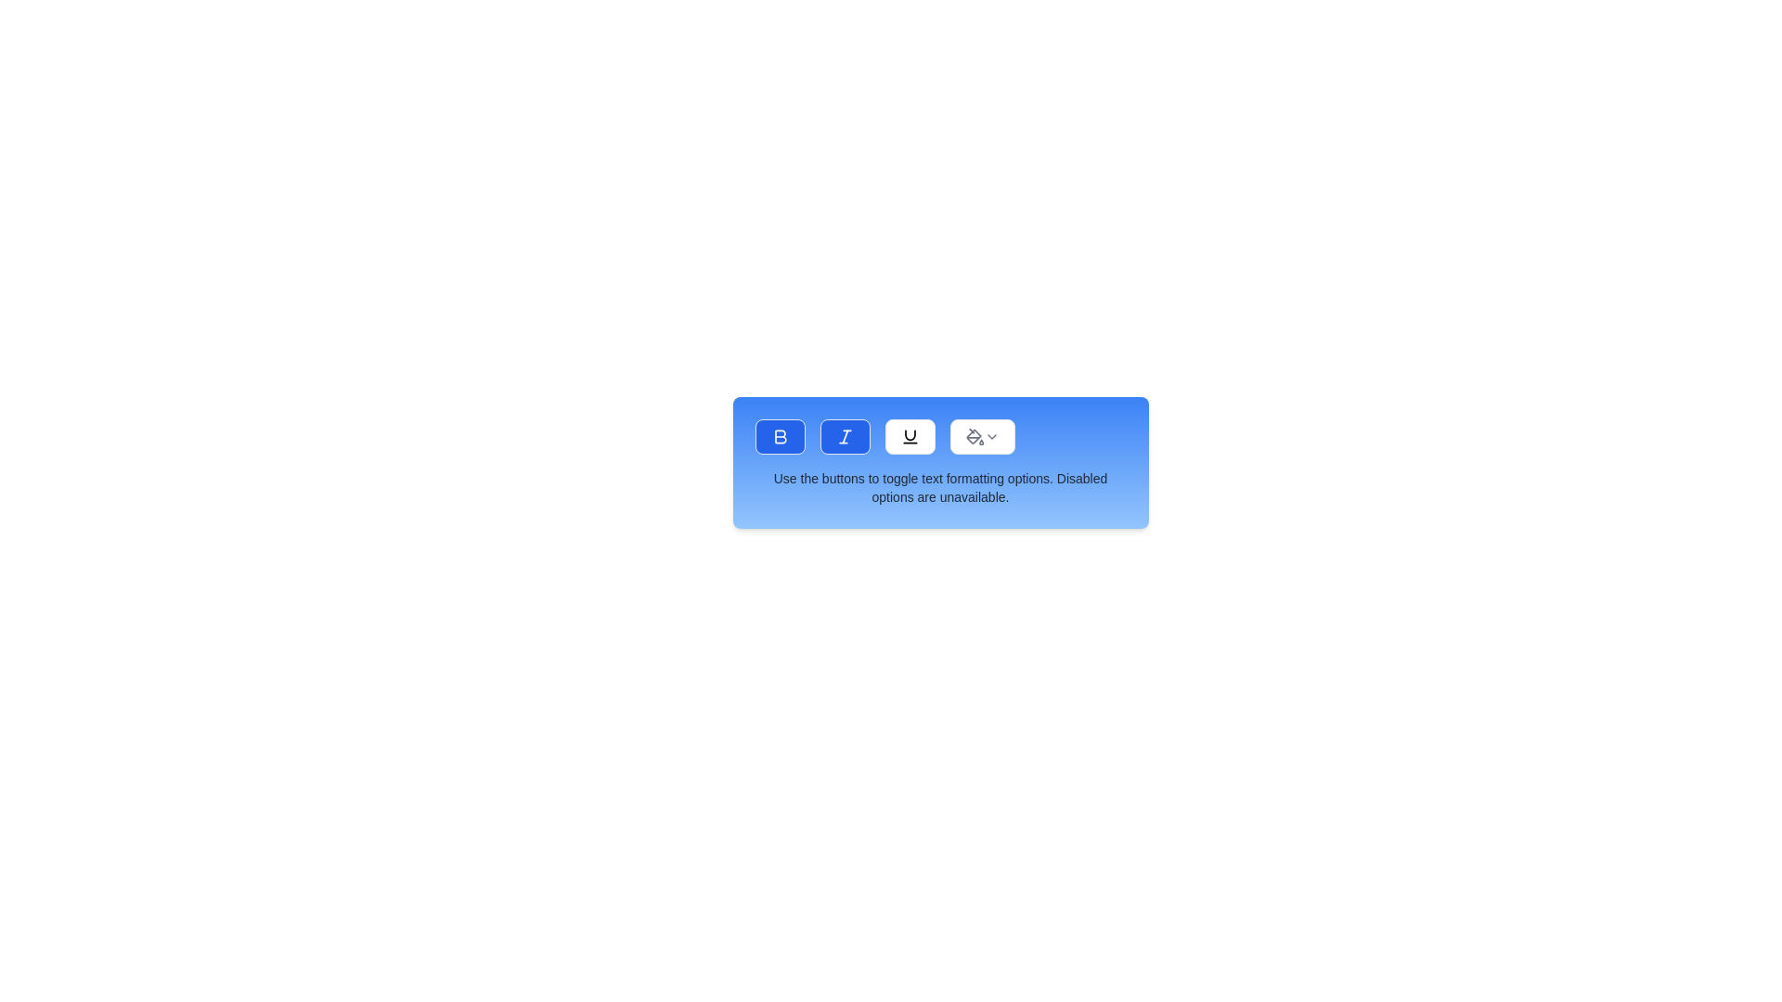 The width and height of the screenshot is (1782, 1002). What do you see at coordinates (844, 436) in the screenshot?
I see `the italic 'I' icon button, which is the second formatting button in a row of four` at bounding box center [844, 436].